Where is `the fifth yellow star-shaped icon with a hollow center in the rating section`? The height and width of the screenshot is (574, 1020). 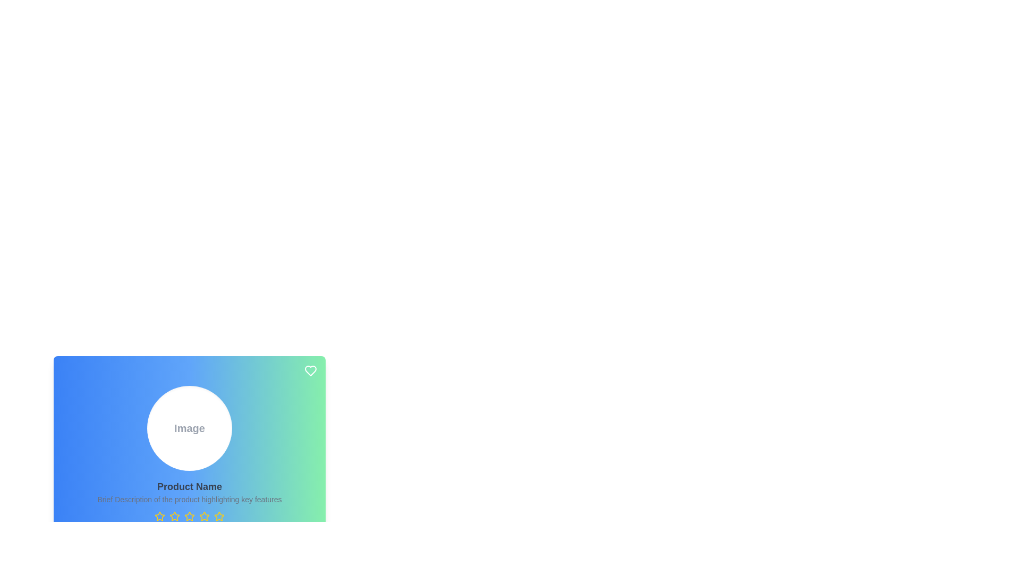
the fifth yellow star-shaped icon with a hollow center in the rating section is located at coordinates (204, 516).